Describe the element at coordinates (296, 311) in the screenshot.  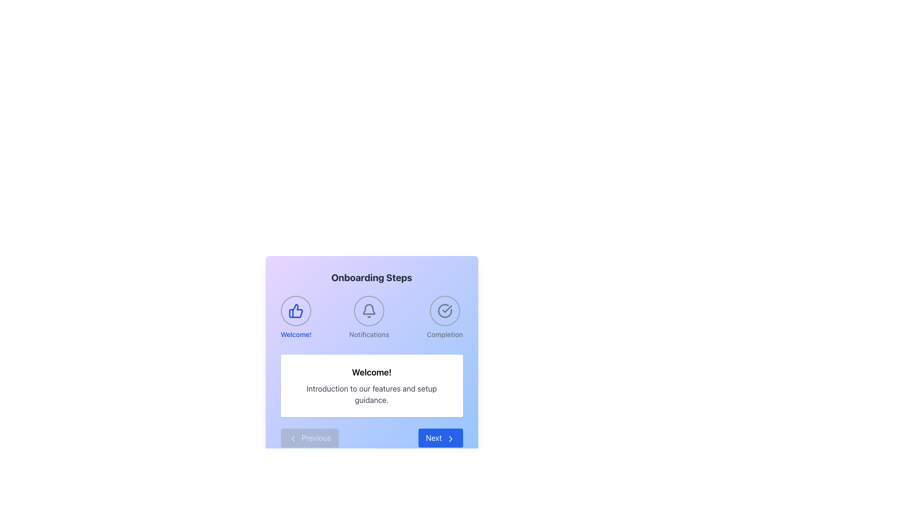
I see `the Circular Button with Icon in the 'Welcome!' section` at that location.